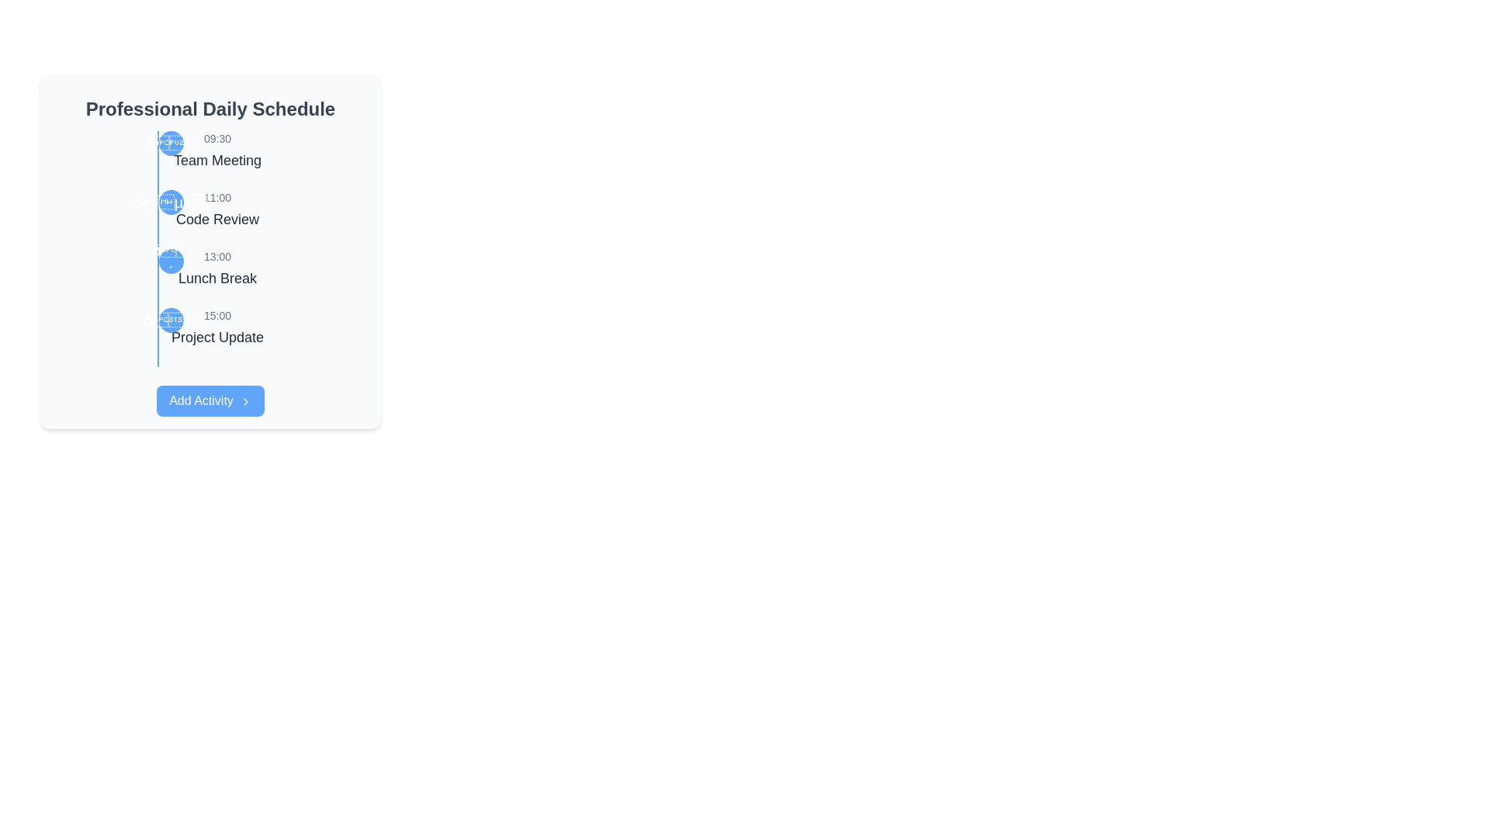 This screenshot has width=1490, height=838. I want to click on the 'Code Review' icon in the 'Professional Daily Schedule' interface, located next to the '11:00 Code Review' activity entry, so click(171, 202).